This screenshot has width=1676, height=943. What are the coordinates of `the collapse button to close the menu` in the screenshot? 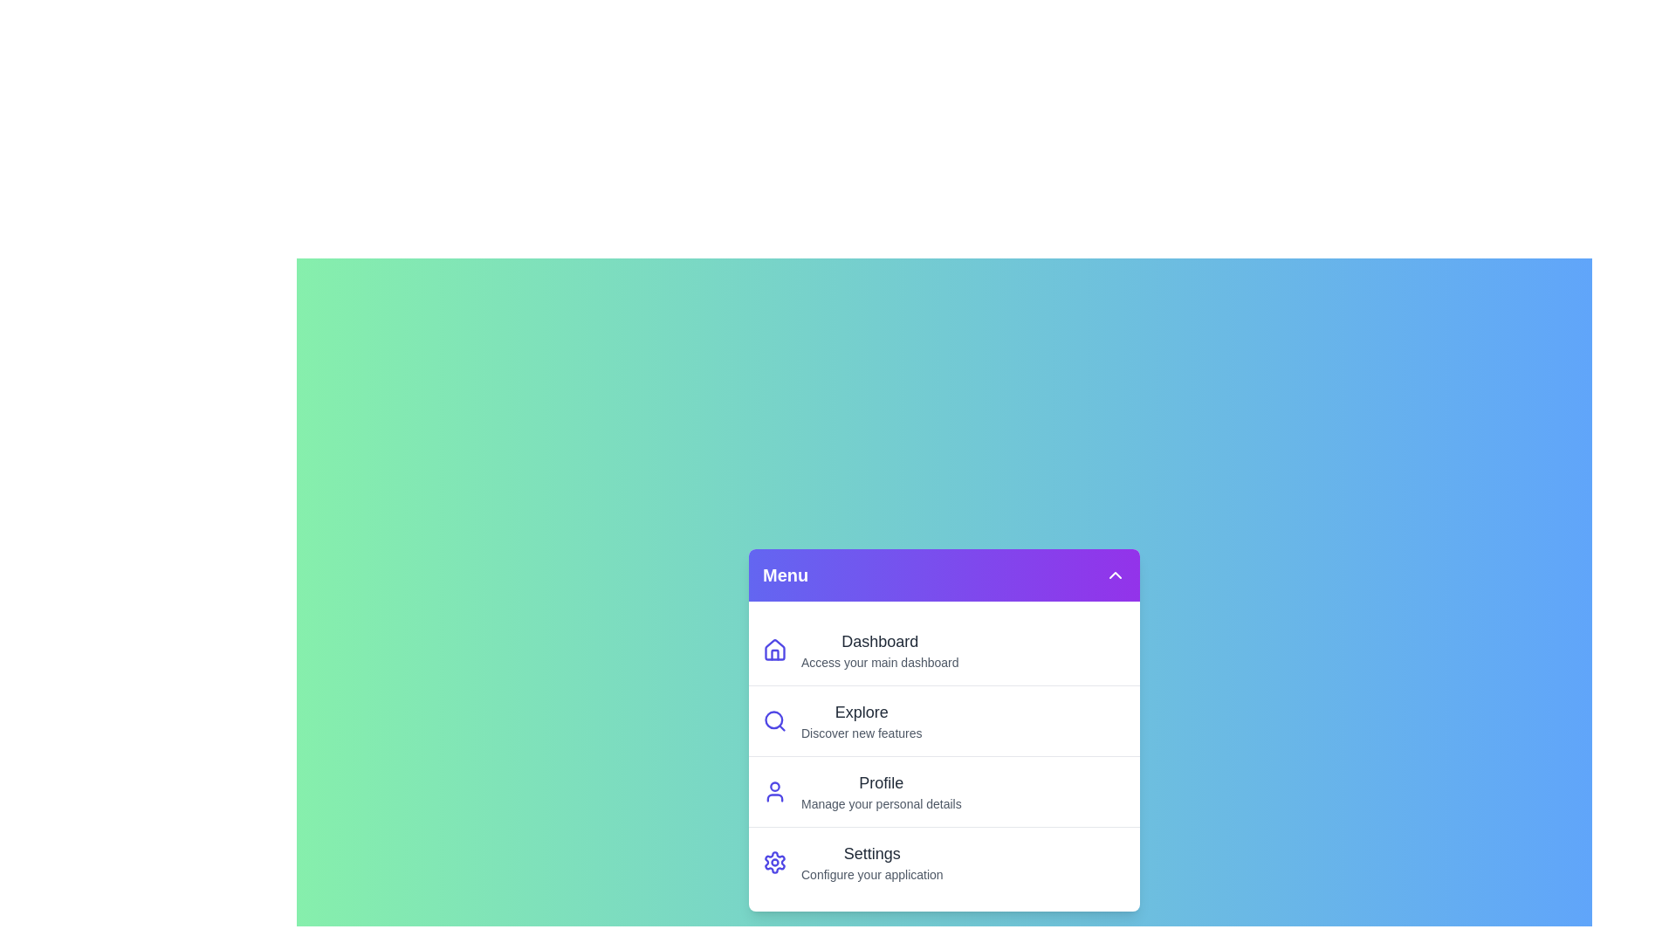 It's located at (1114, 575).